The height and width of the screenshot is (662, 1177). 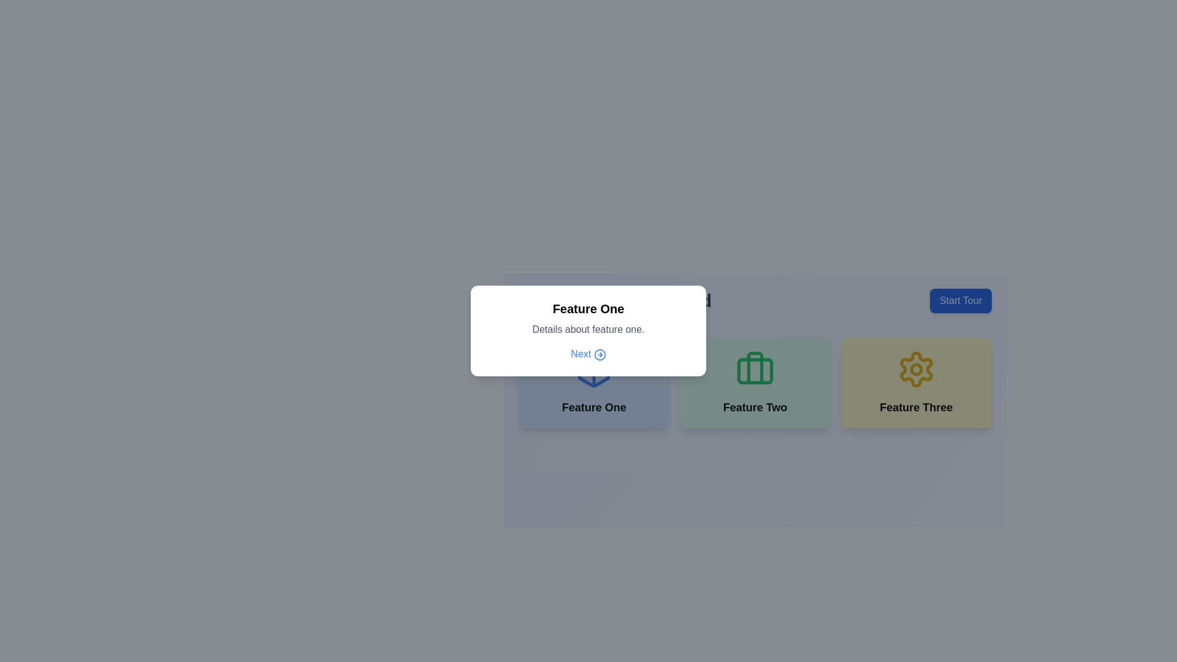 I want to click on the 'Next' button, which is represented by a forward SVG icon located at the bottom of the dialog box, so click(x=600, y=354).